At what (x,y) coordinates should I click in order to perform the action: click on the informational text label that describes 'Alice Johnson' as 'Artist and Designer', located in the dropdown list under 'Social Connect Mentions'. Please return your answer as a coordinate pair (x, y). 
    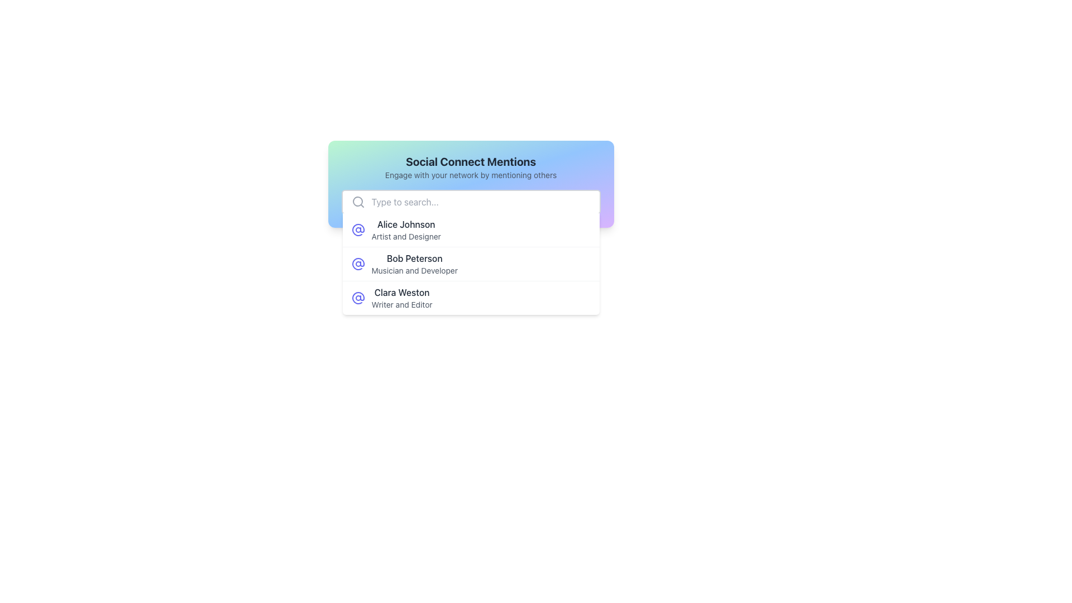
    Looking at the image, I should click on (405, 236).